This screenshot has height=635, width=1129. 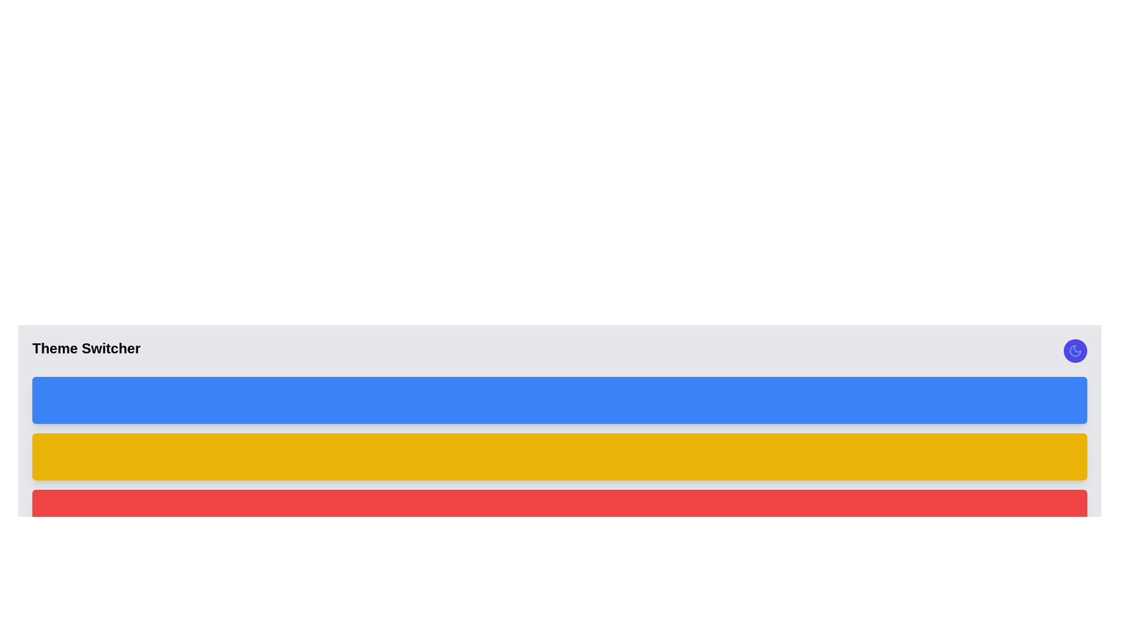 I want to click on the crescent moon icon located in the top right corner of the interface, so click(x=1075, y=350).